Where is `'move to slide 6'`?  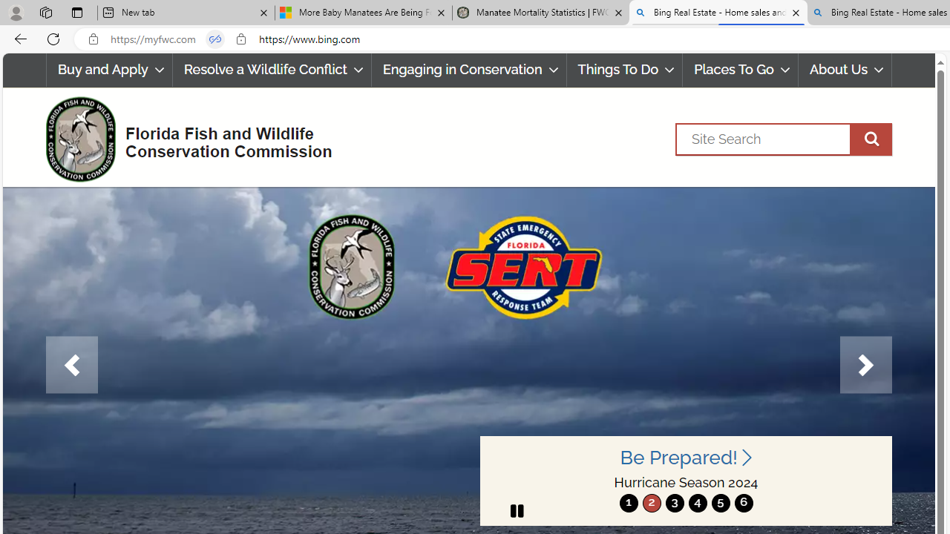
'move to slide 6' is located at coordinates (744, 502).